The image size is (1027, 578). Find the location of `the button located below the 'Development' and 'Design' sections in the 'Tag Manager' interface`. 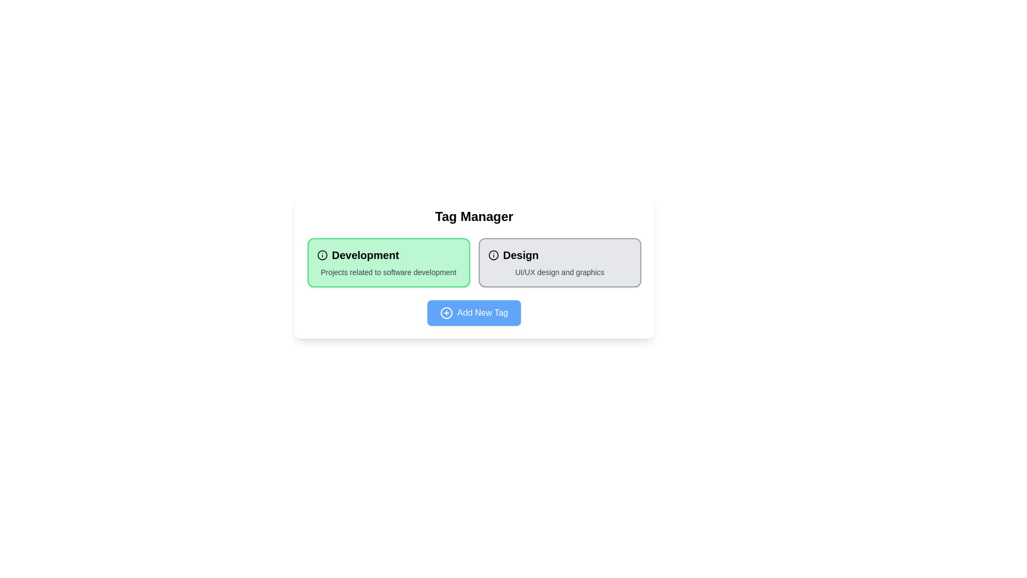

the button located below the 'Development' and 'Design' sections in the 'Tag Manager' interface is located at coordinates (473, 313).